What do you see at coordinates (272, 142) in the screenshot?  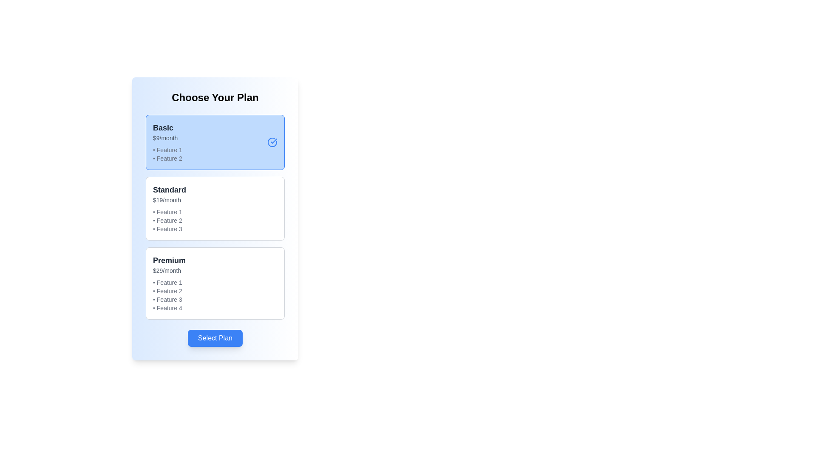 I see `the blue circular icon with a checkmark inside, located in the top-right corner of the blue-bordered card labeled 'Basic $9/month'` at bounding box center [272, 142].